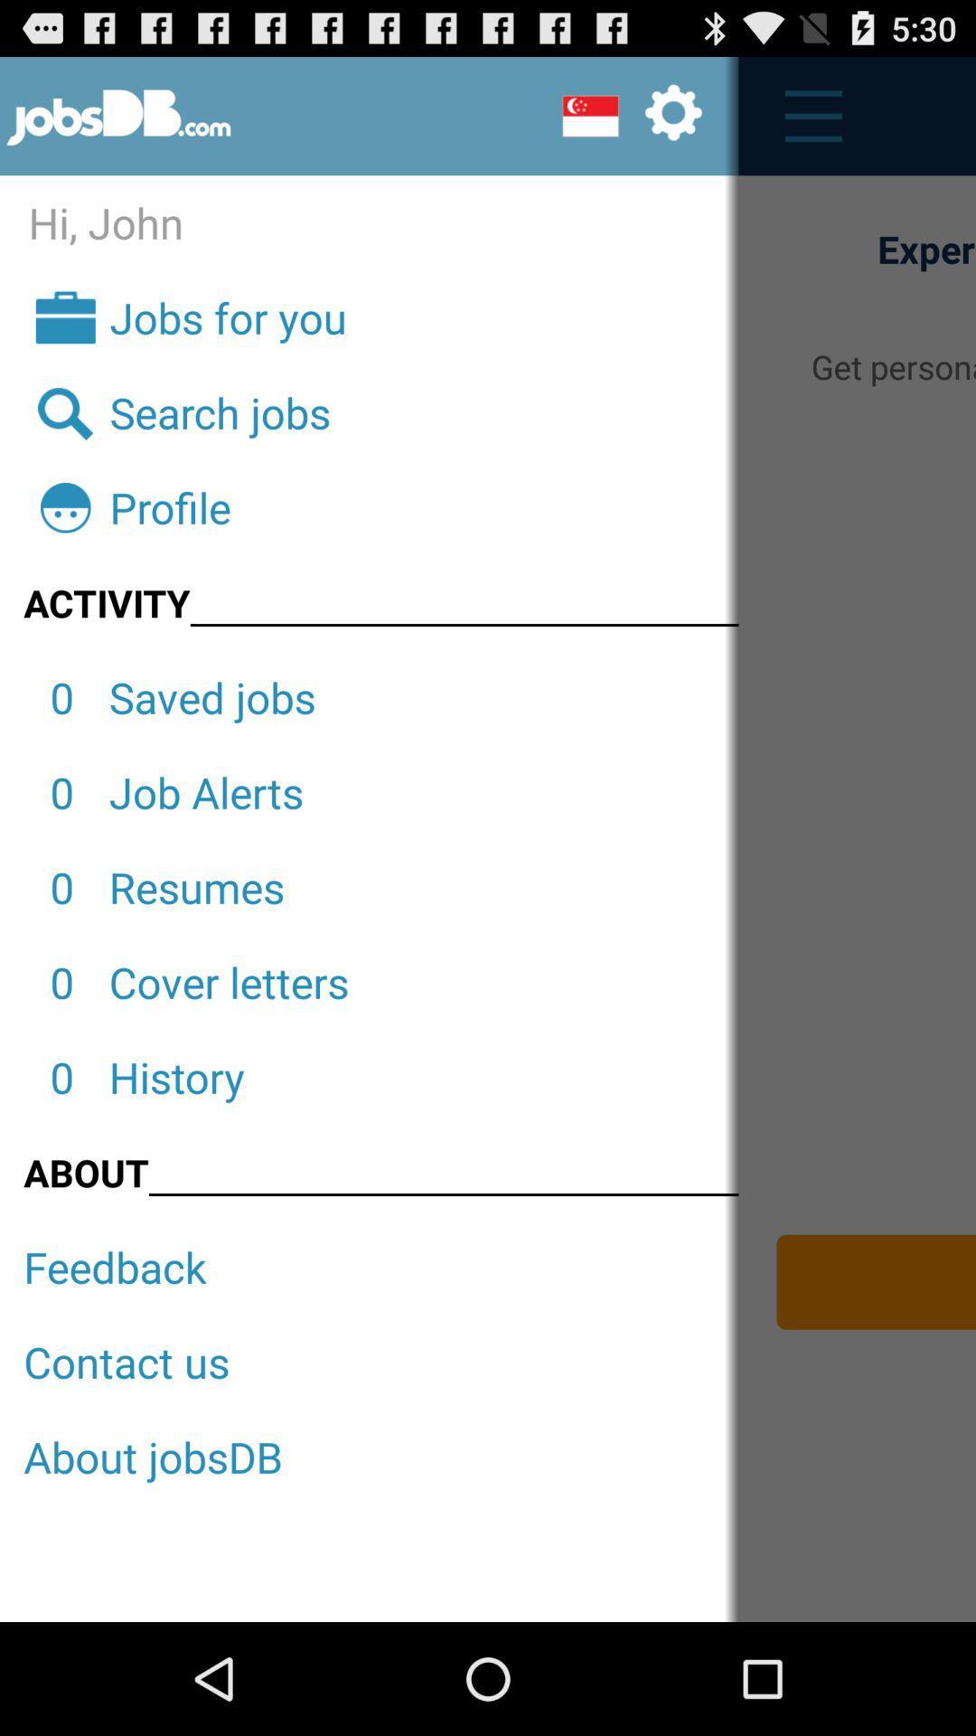 This screenshot has height=1736, width=976. What do you see at coordinates (631, 123) in the screenshot?
I see `the videocam icon` at bounding box center [631, 123].